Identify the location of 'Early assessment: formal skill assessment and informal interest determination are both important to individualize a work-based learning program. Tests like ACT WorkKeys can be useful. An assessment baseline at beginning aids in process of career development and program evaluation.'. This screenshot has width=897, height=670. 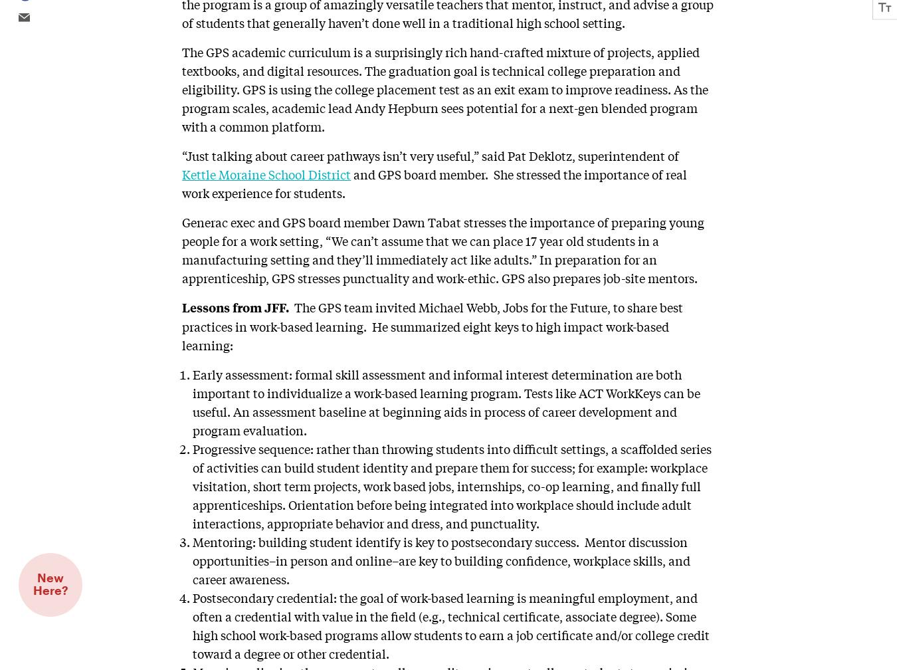
(447, 401).